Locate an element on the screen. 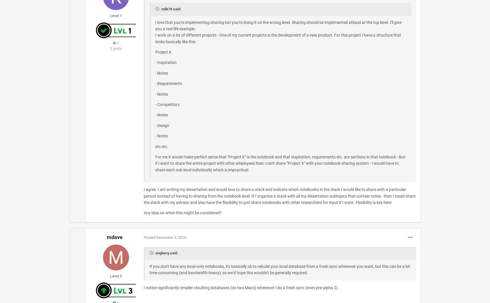 This screenshot has width=490, height=303. 'Level 1' is located at coordinates (116, 15).